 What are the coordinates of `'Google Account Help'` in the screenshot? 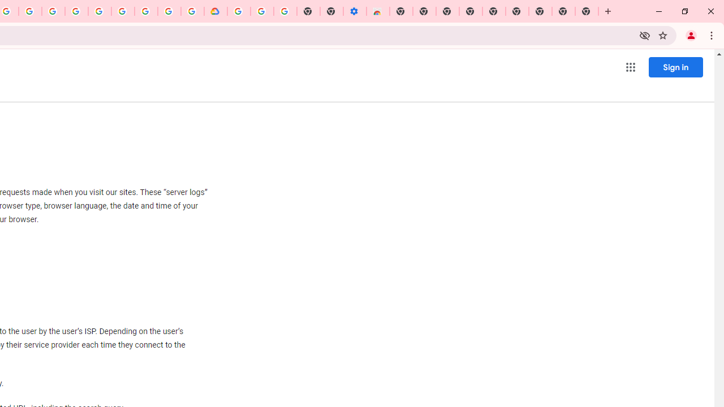 It's located at (261, 11).